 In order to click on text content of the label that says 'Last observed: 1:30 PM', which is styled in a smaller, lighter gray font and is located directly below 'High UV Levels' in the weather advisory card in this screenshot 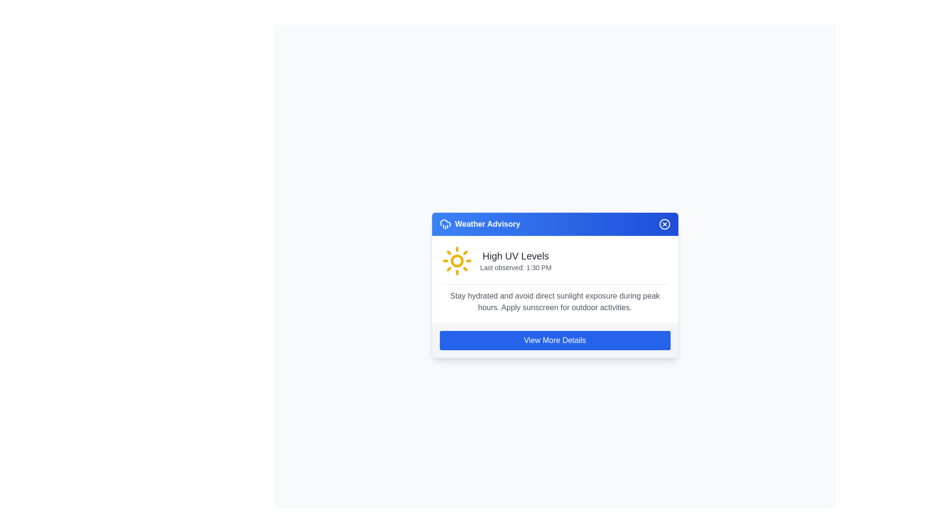, I will do `click(515, 267)`.